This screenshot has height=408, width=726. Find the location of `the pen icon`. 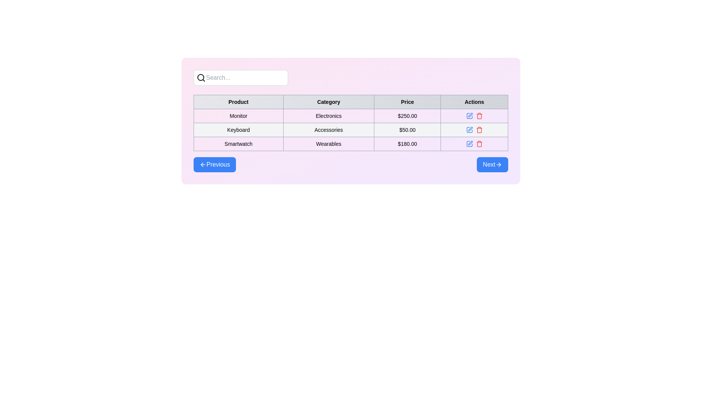

the pen icon is located at coordinates (470, 128).